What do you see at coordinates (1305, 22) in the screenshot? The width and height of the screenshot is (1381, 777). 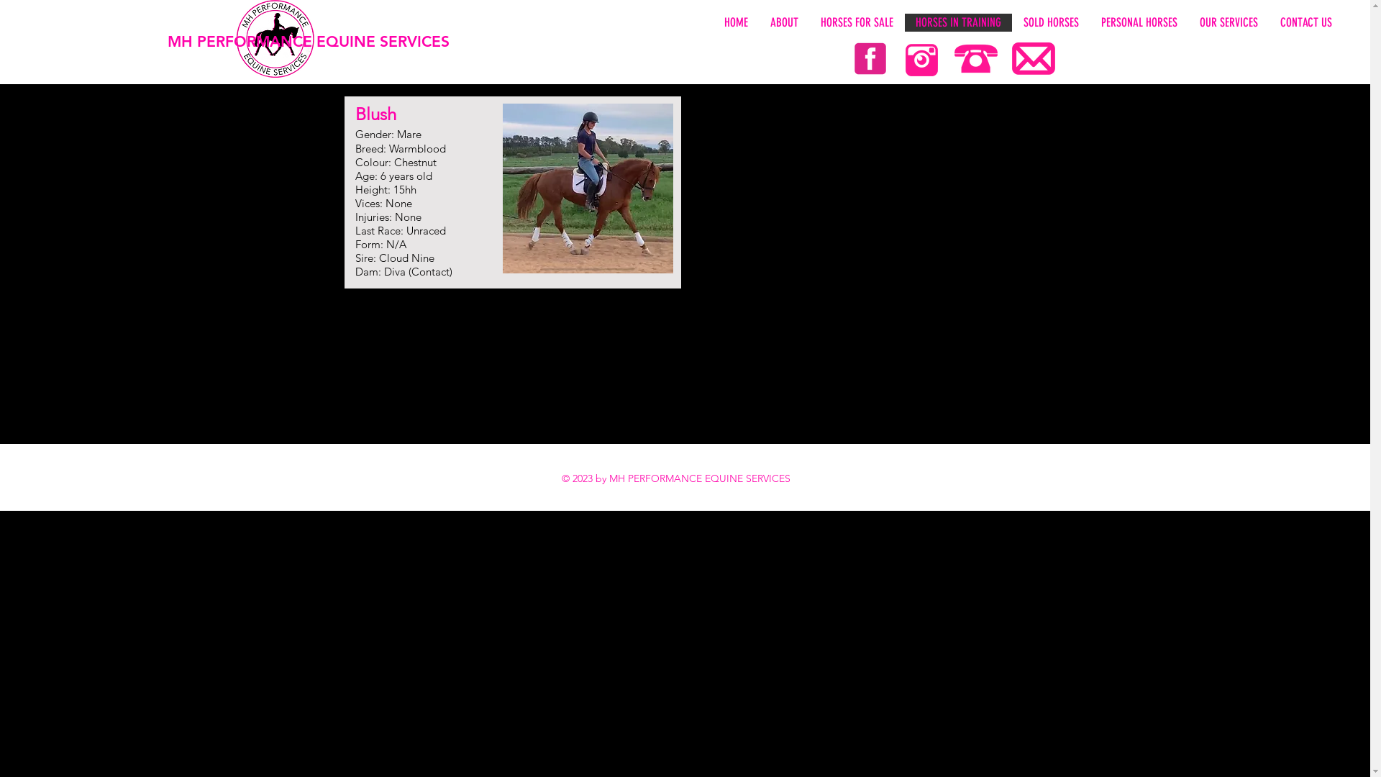 I see `'CONTACT US'` at bounding box center [1305, 22].